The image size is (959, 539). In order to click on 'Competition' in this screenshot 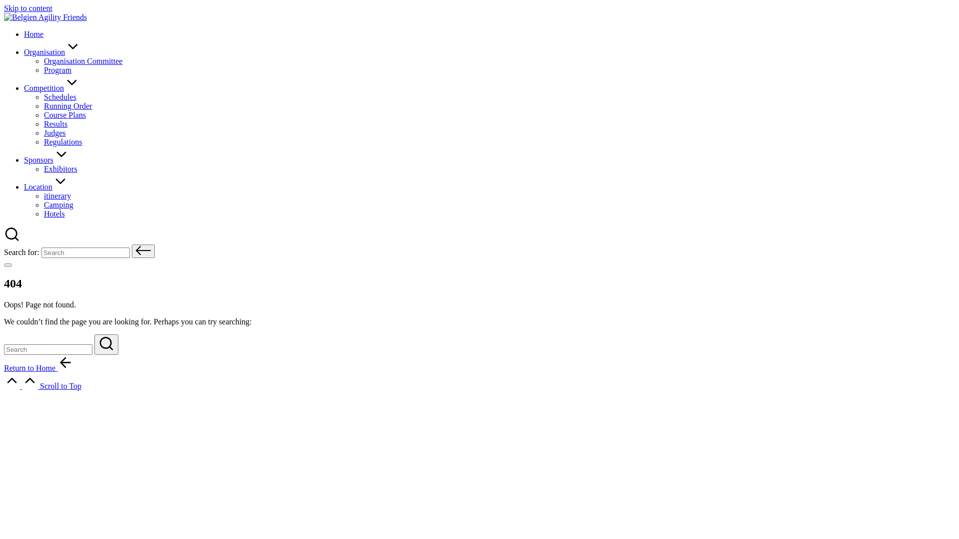, I will do `click(51, 87)`.